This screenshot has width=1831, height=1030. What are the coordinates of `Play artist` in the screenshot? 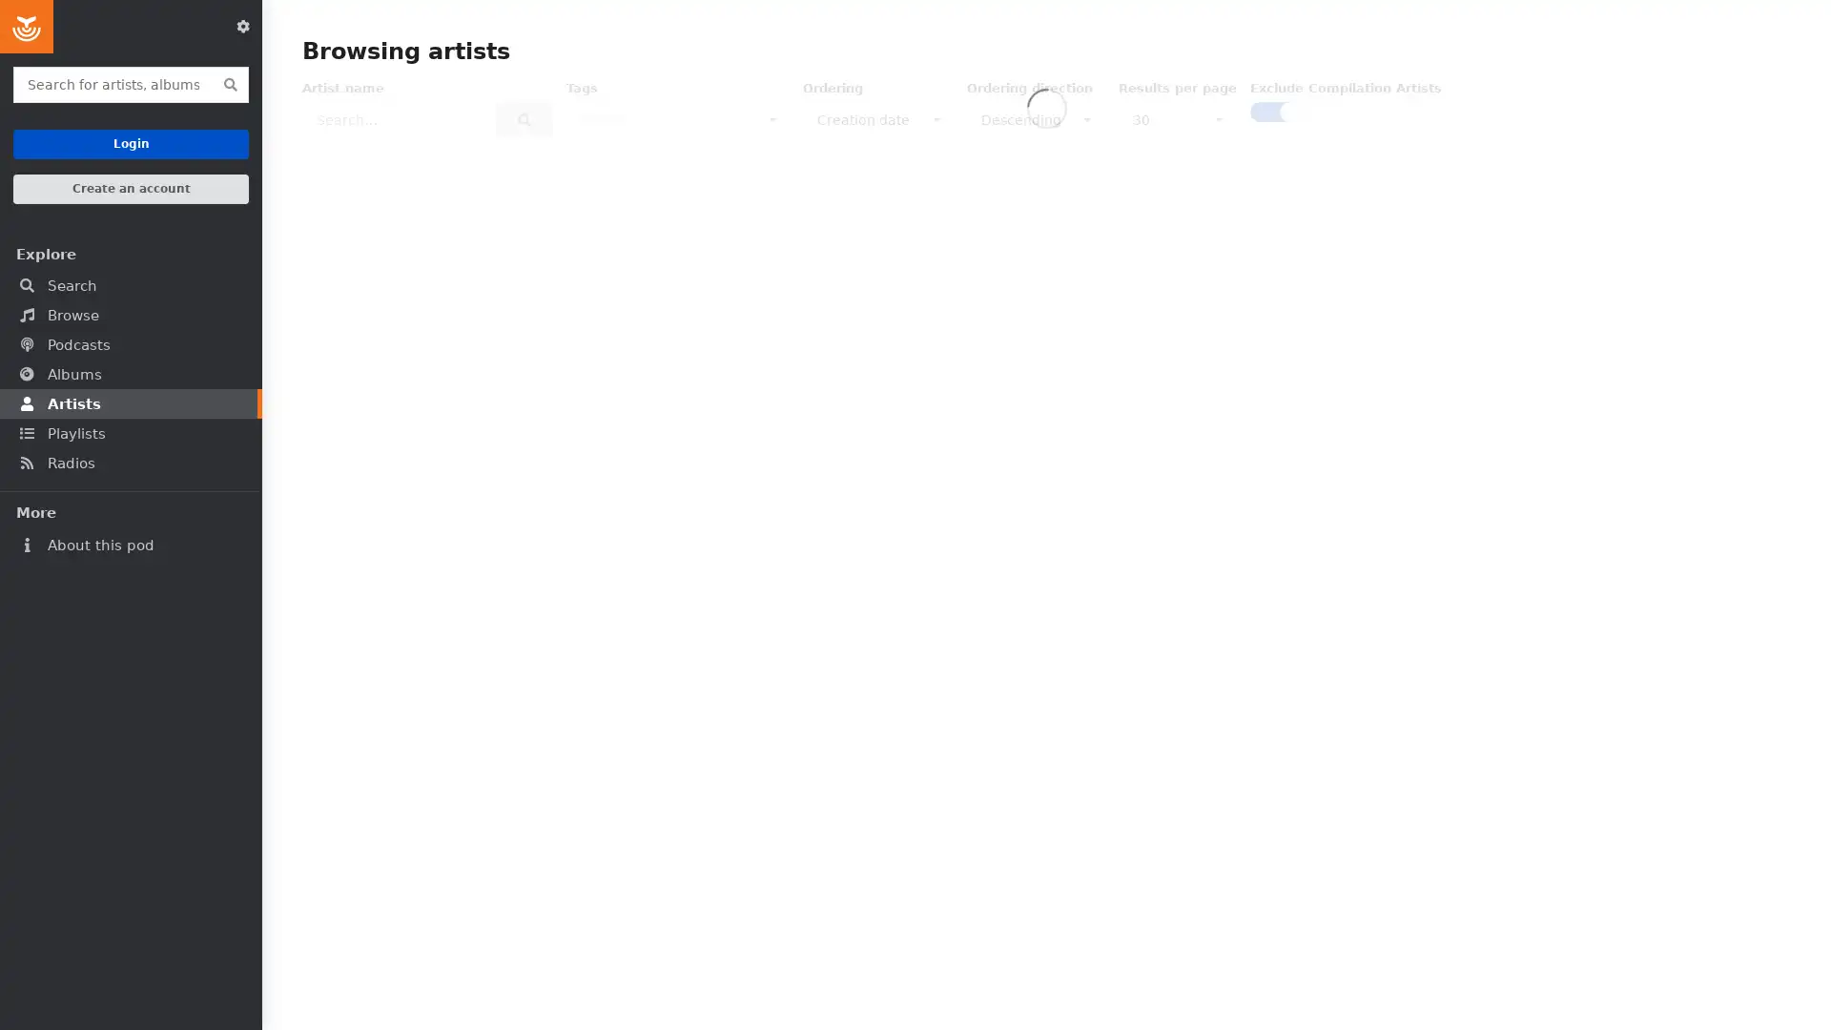 It's located at (1290, 326).